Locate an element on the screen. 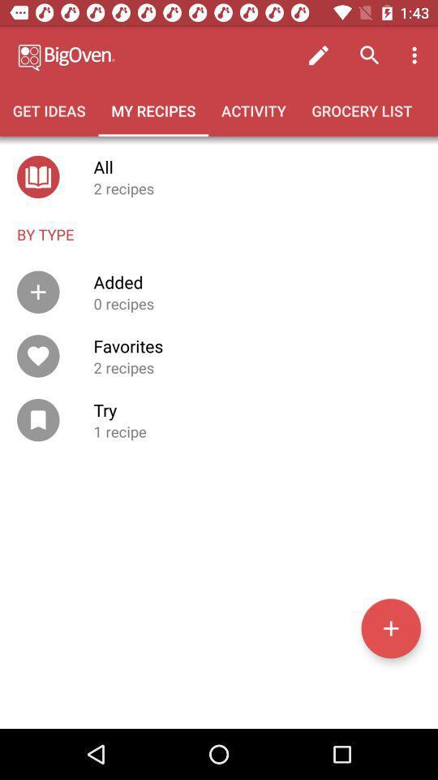  icon above grocery list icon is located at coordinates (319, 55).